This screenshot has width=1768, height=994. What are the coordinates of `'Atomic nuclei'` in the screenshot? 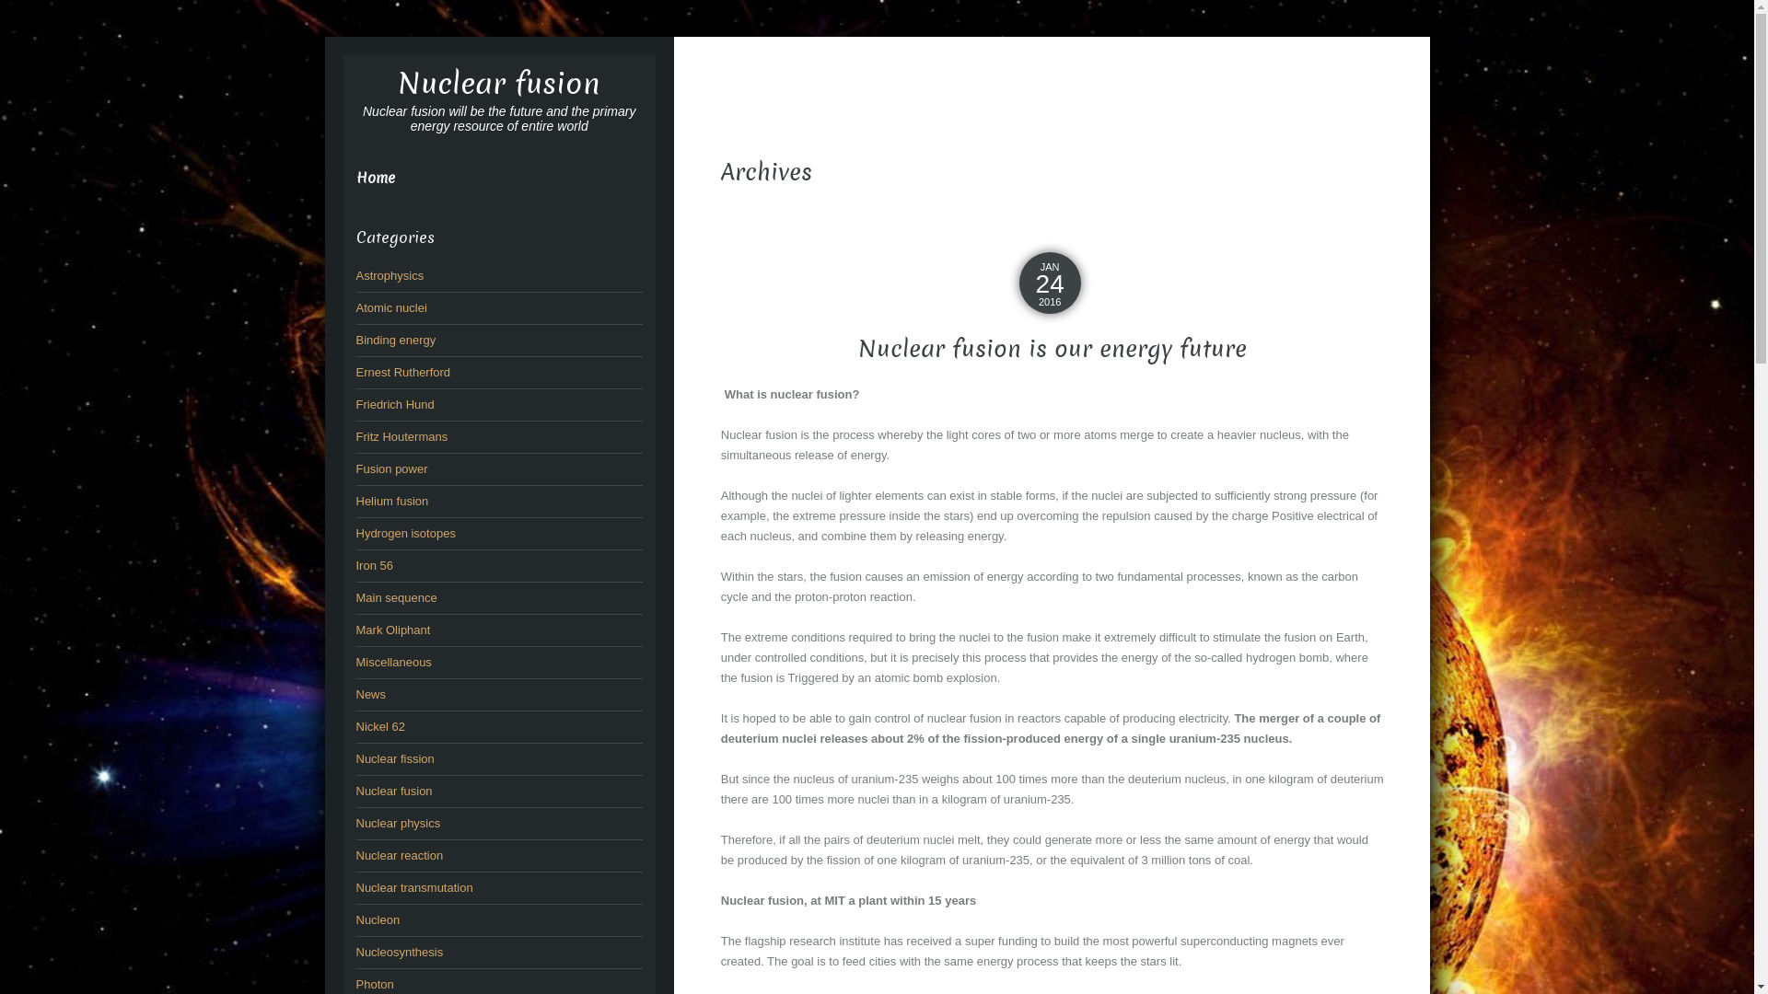 It's located at (390, 306).